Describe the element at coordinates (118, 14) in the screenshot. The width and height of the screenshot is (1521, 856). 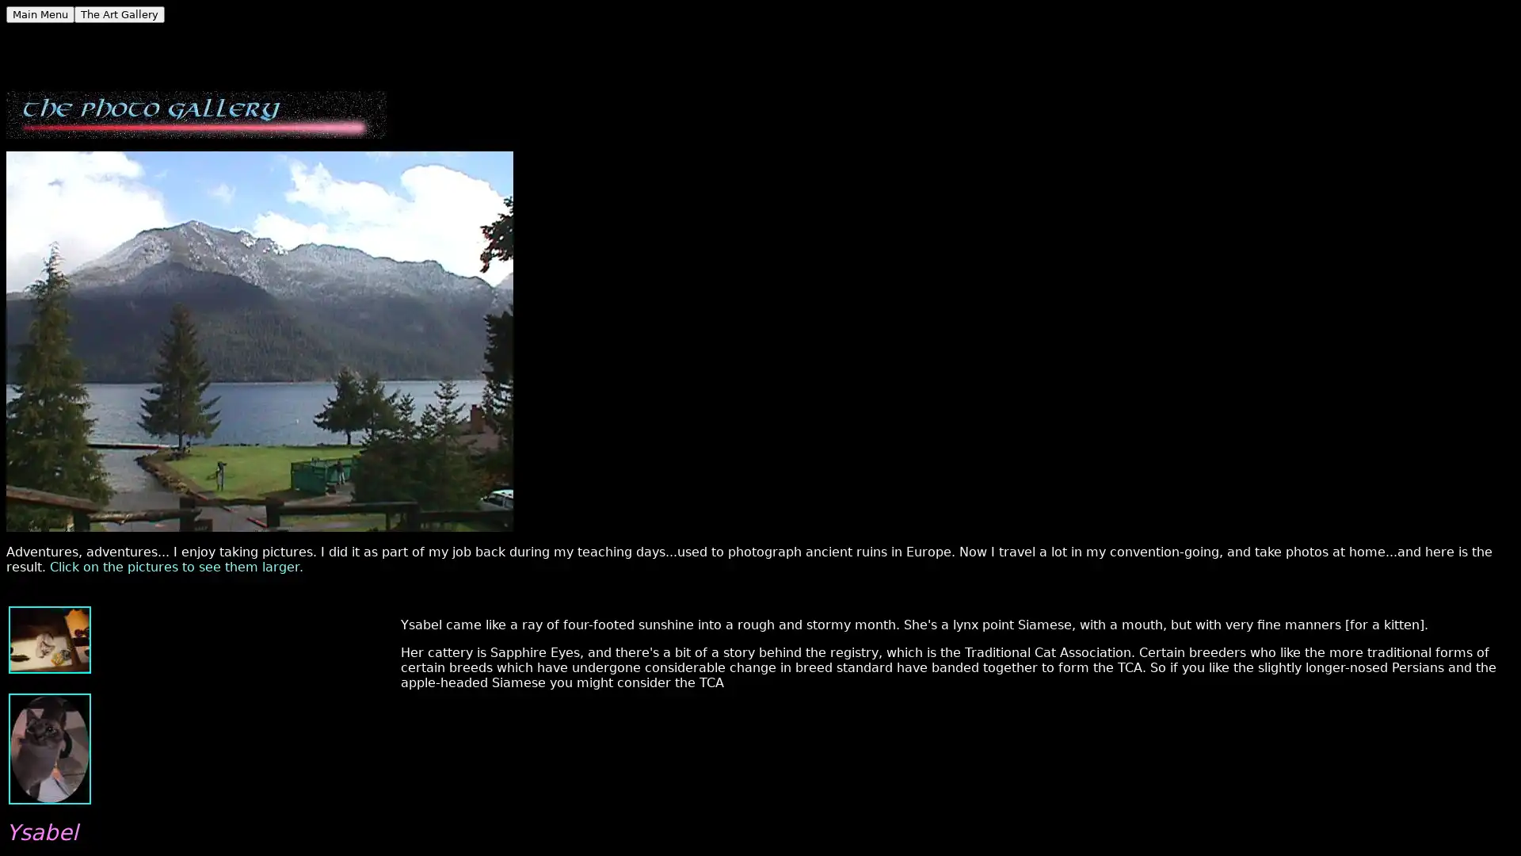
I see `The Art Gallery` at that location.